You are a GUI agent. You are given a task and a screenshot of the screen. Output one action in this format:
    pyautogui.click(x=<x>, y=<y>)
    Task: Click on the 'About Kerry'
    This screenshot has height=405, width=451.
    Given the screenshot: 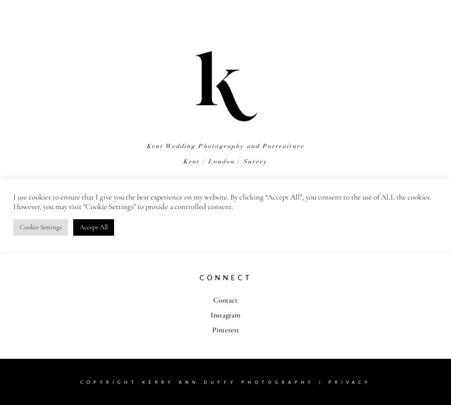 What is the action you would take?
    pyautogui.click(x=226, y=245)
    